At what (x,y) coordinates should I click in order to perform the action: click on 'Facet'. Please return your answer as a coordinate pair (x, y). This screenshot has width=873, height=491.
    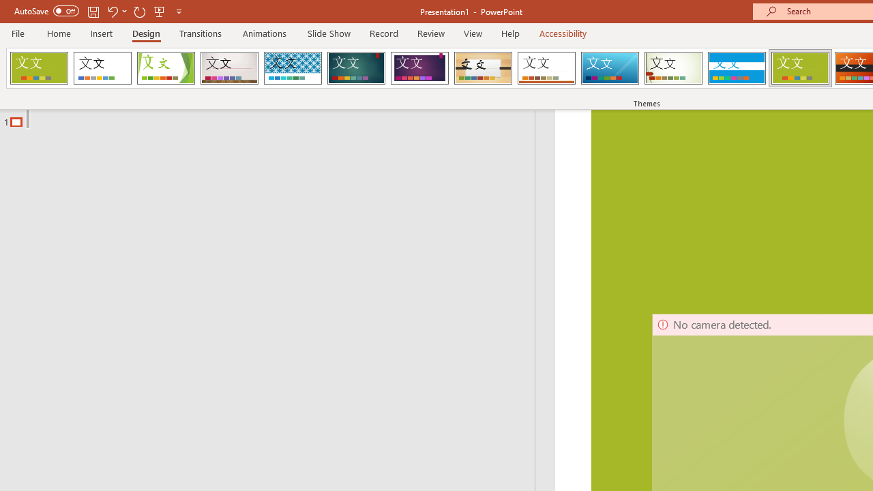
    Looking at the image, I should click on (165, 68).